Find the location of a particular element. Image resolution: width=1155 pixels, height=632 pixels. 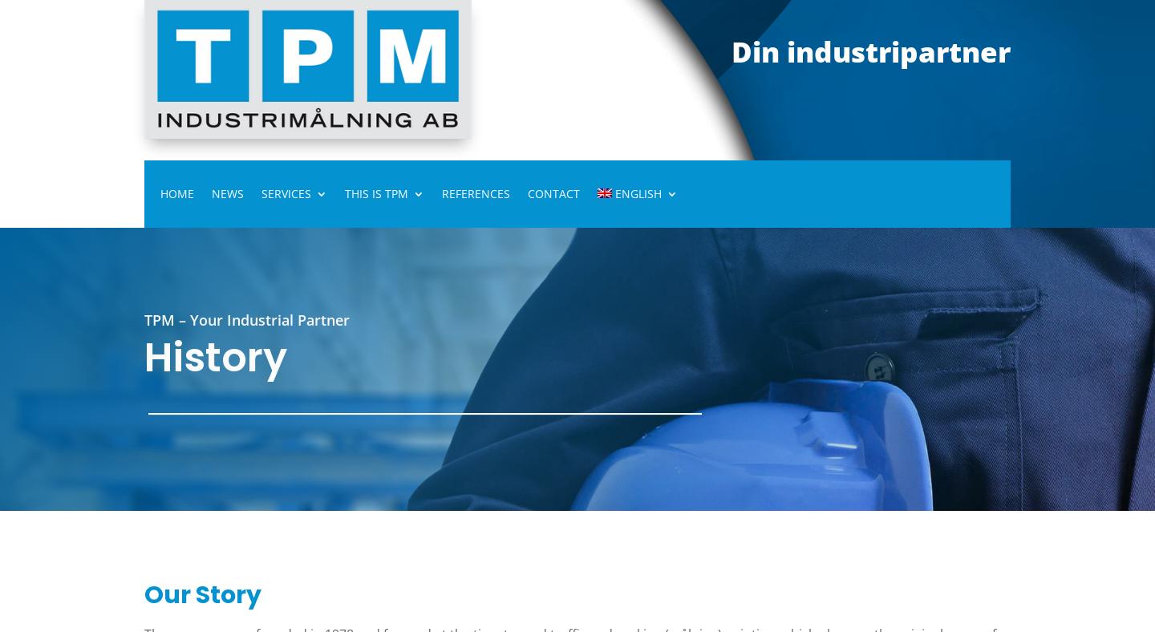

'Contact' is located at coordinates (553, 192).